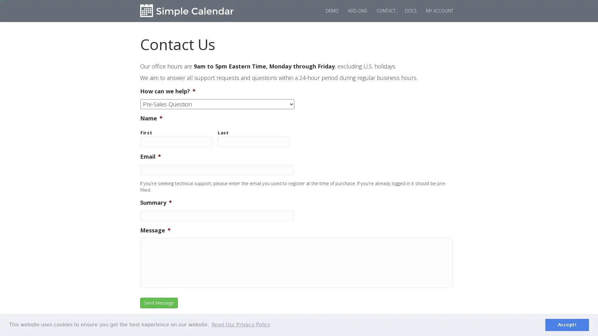 The width and height of the screenshot is (598, 336). What do you see at coordinates (240, 324) in the screenshot?
I see `learn more about cookies` at bounding box center [240, 324].